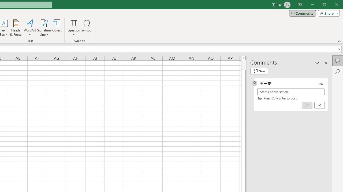 Image resolution: width=343 pixels, height=192 pixels. I want to click on 'Signature Line', so click(44, 28).